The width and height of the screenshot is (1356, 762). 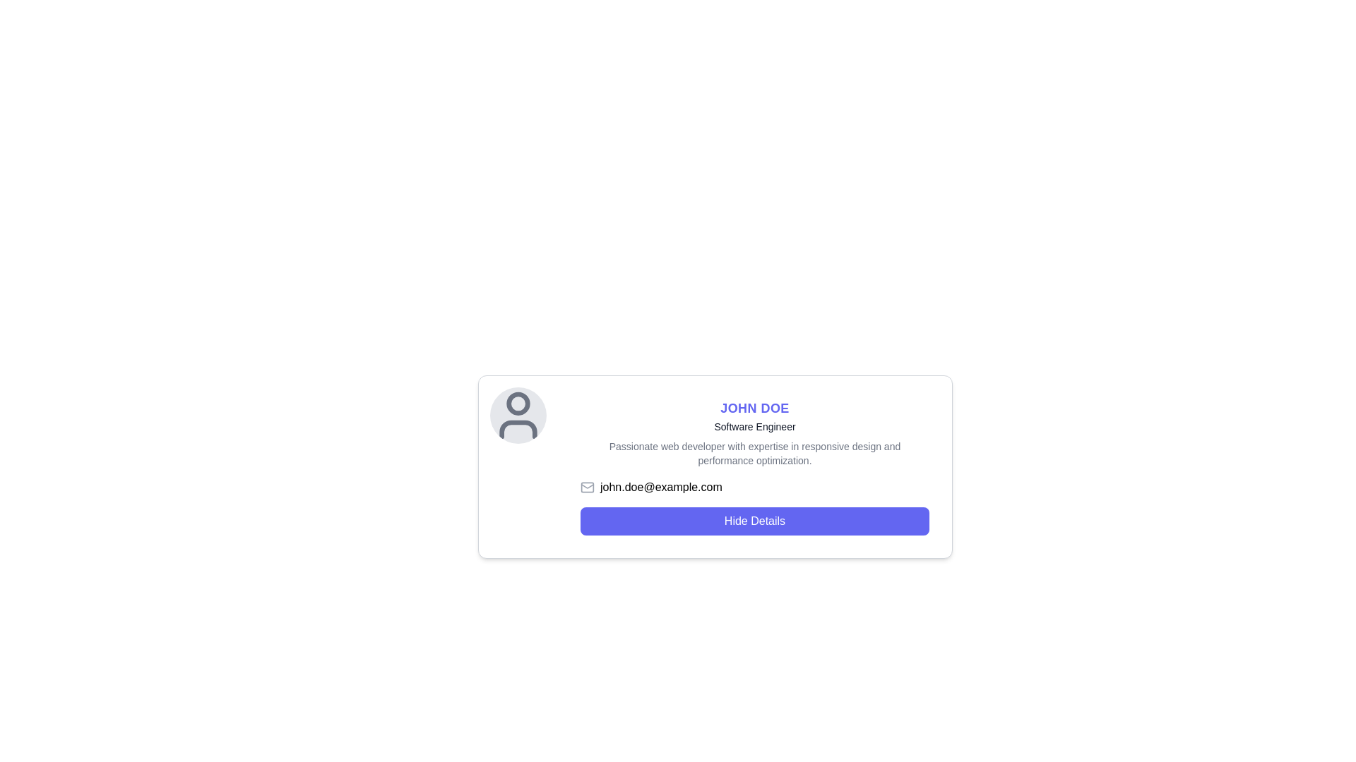 What do you see at coordinates (754, 453) in the screenshot?
I see `the text element displaying the phrase 'Passionate web developer with expertise in responsive design and performance optimization.' located beneath the 'Software Engineer' title in the user profile card` at bounding box center [754, 453].